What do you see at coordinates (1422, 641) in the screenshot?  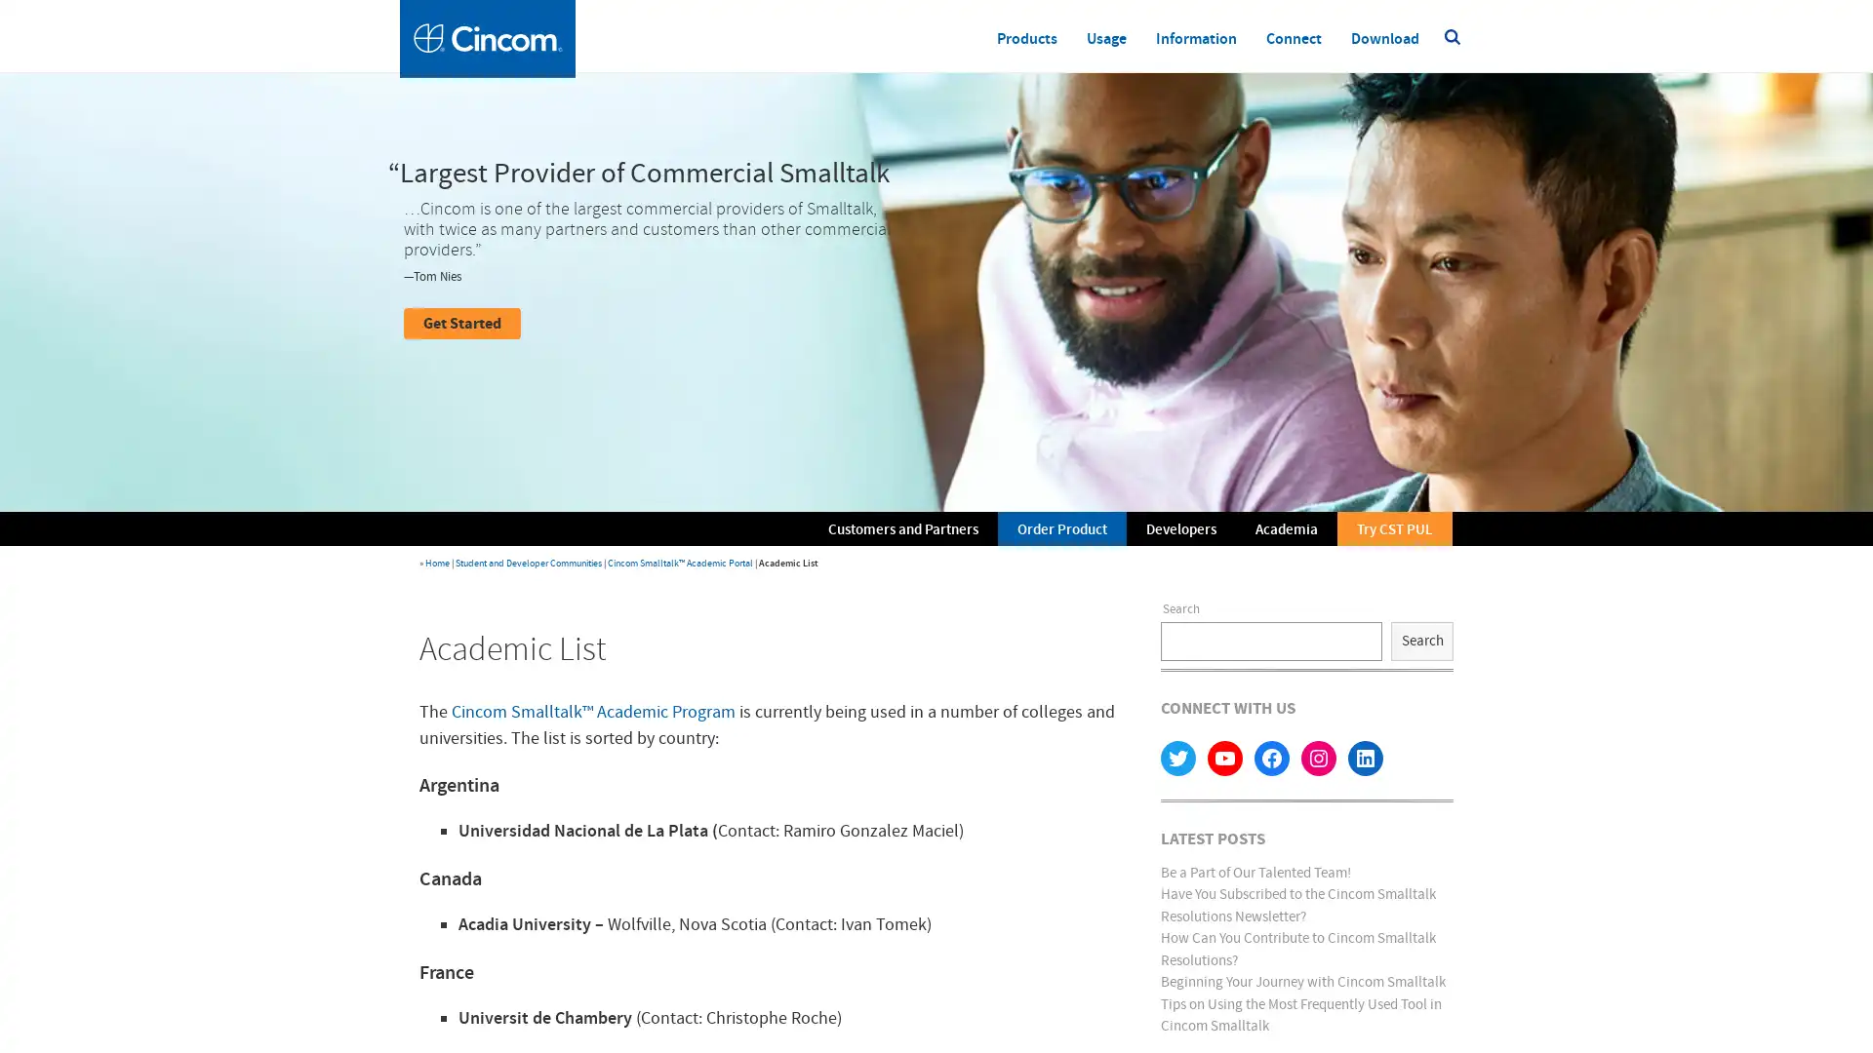 I see `Search` at bounding box center [1422, 641].